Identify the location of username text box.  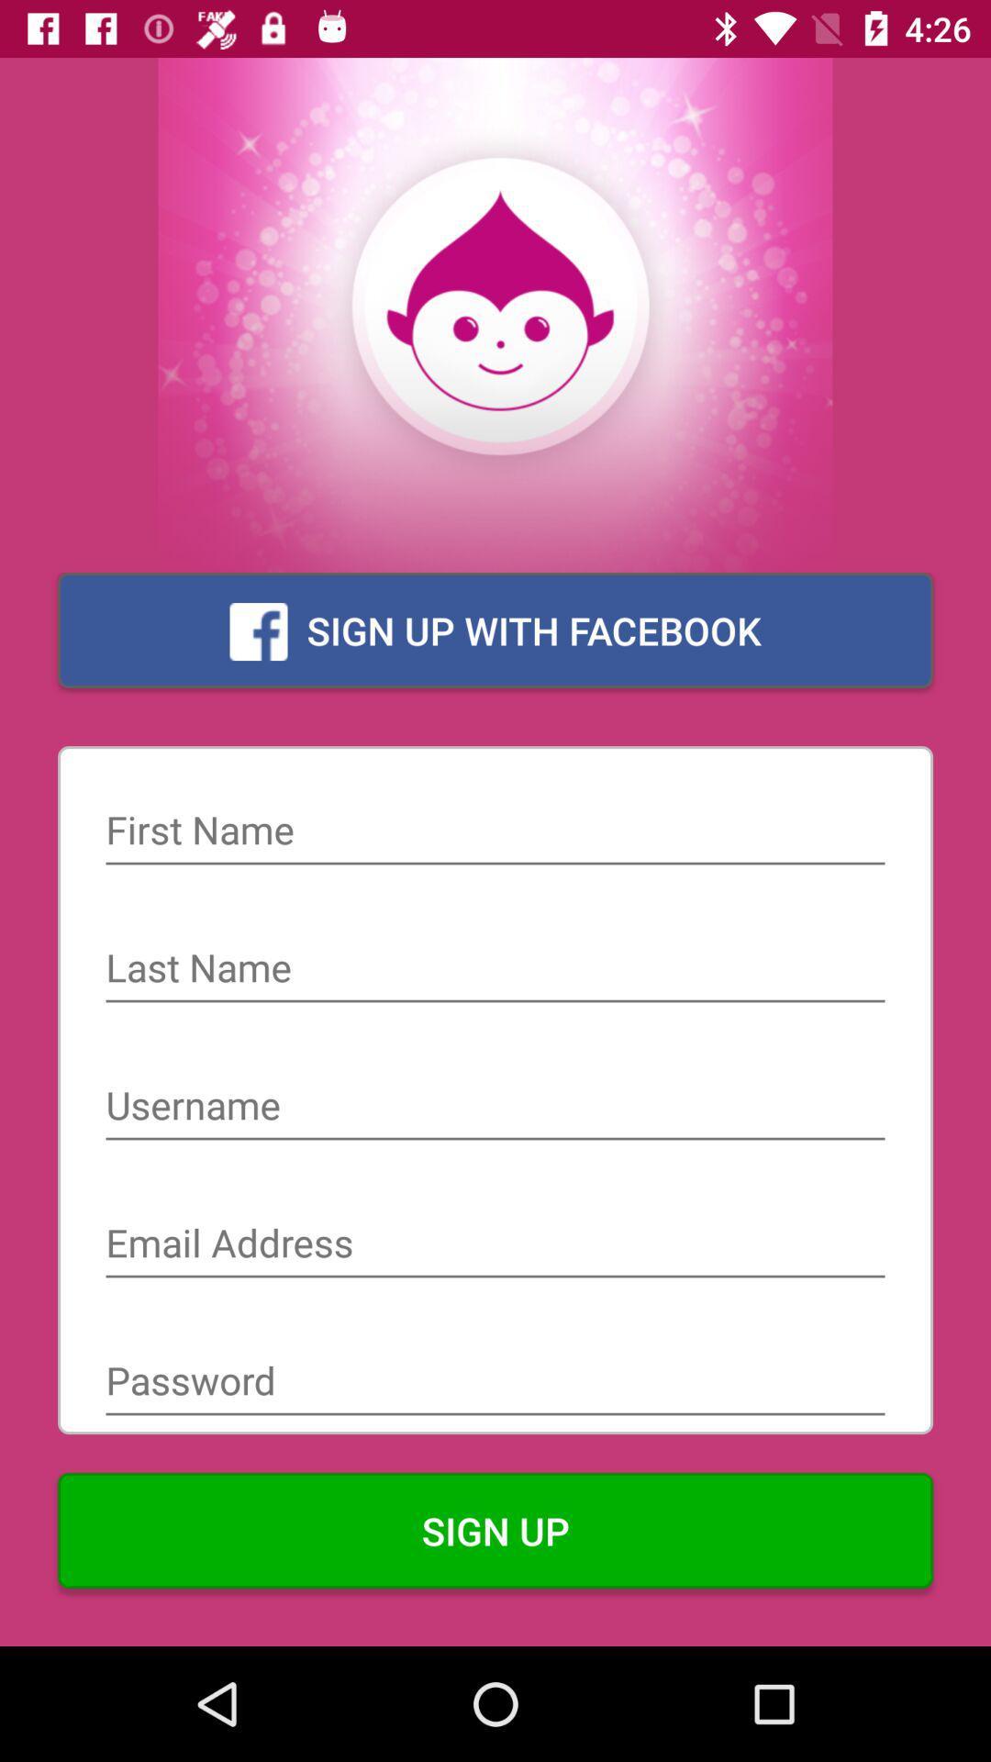
(495, 1107).